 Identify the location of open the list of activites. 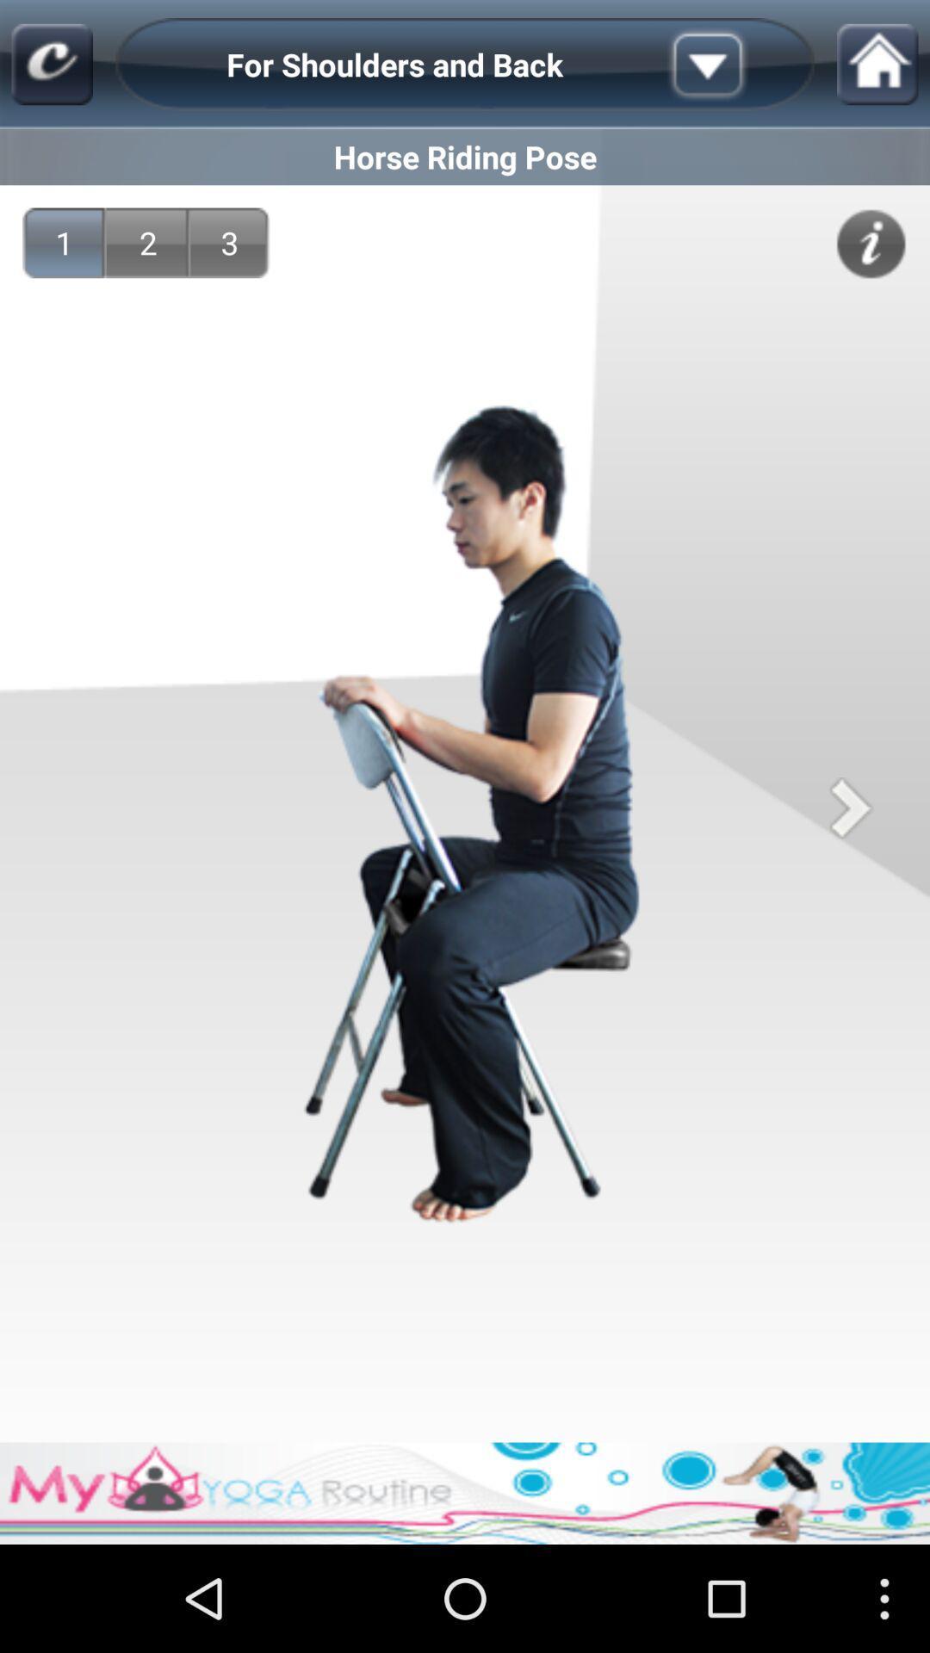
(735, 65).